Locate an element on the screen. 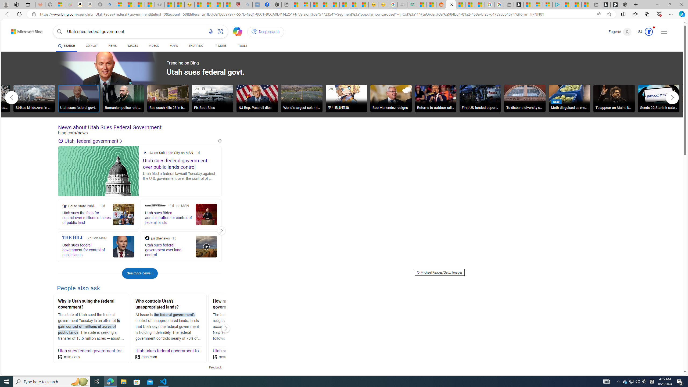 The width and height of the screenshot is (688, 387). 'Eugene' is located at coordinates (620, 32).